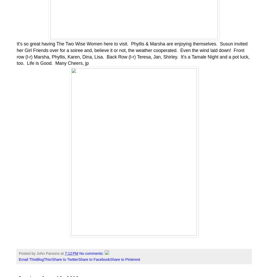 Image resolution: width=266 pixels, height=277 pixels. Describe the element at coordinates (64, 253) in the screenshot. I see `'7:12 PM'` at that location.